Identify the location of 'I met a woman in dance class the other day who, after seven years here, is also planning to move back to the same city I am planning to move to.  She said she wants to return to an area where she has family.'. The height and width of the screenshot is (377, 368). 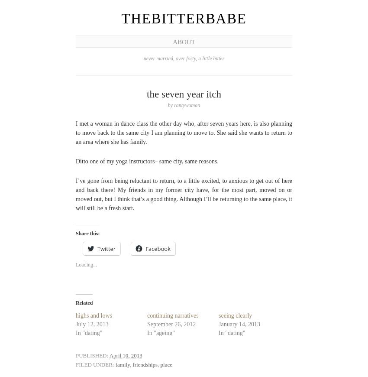
(184, 133).